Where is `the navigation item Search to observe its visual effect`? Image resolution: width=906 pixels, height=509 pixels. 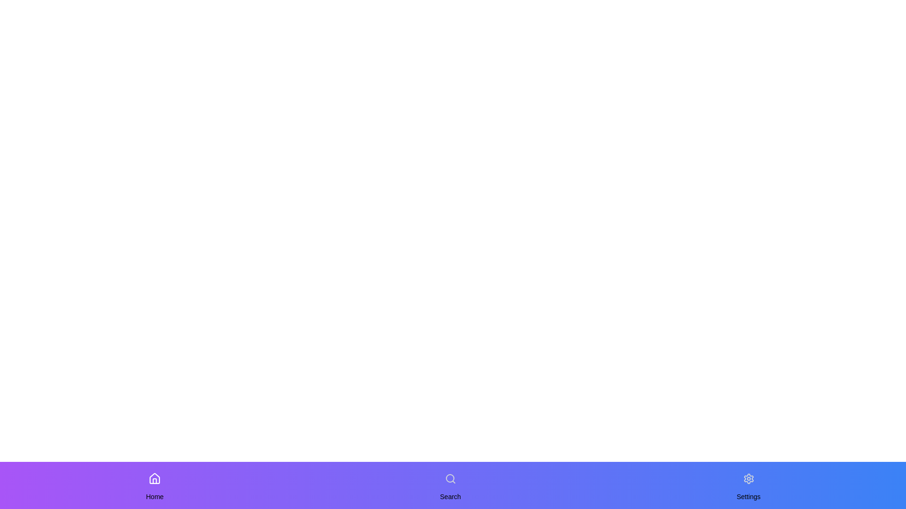 the navigation item Search to observe its visual effect is located at coordinates (450, 478).